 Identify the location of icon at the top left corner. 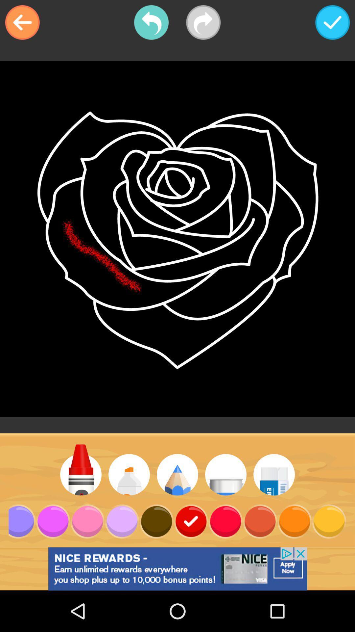
(22, 22).